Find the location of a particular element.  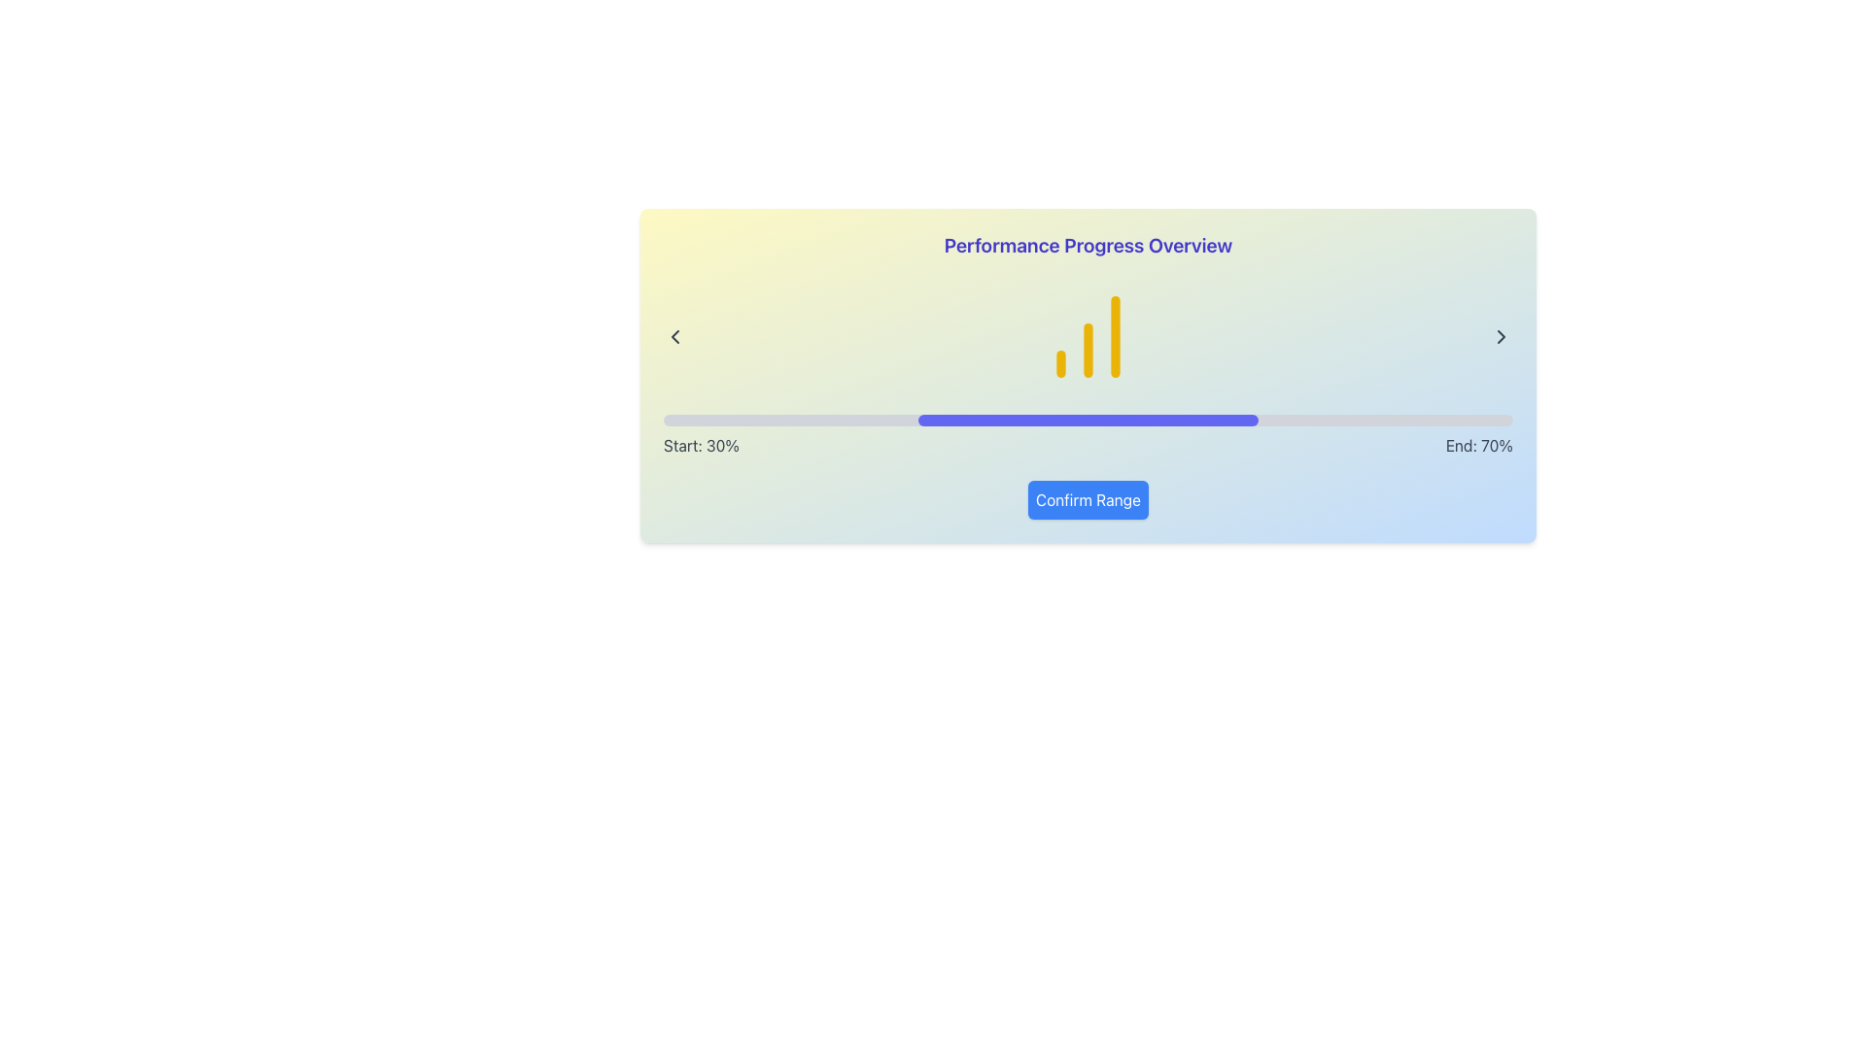

the confirm button located at the bottom section of the interface, directly below the progress bar labeled 'Start: 30%' and 'End: 70%', to observe style changes is located at coordinates (1087, 499).